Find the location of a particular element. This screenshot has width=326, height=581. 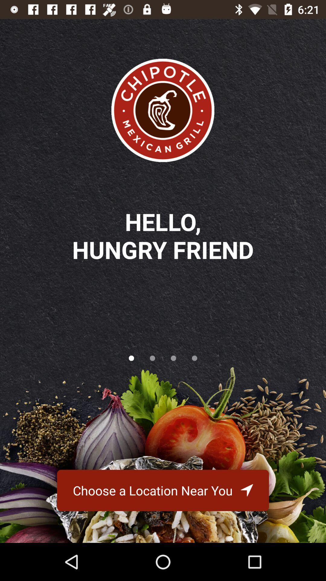

the choose a location icon is located at coordinates (163, 490).